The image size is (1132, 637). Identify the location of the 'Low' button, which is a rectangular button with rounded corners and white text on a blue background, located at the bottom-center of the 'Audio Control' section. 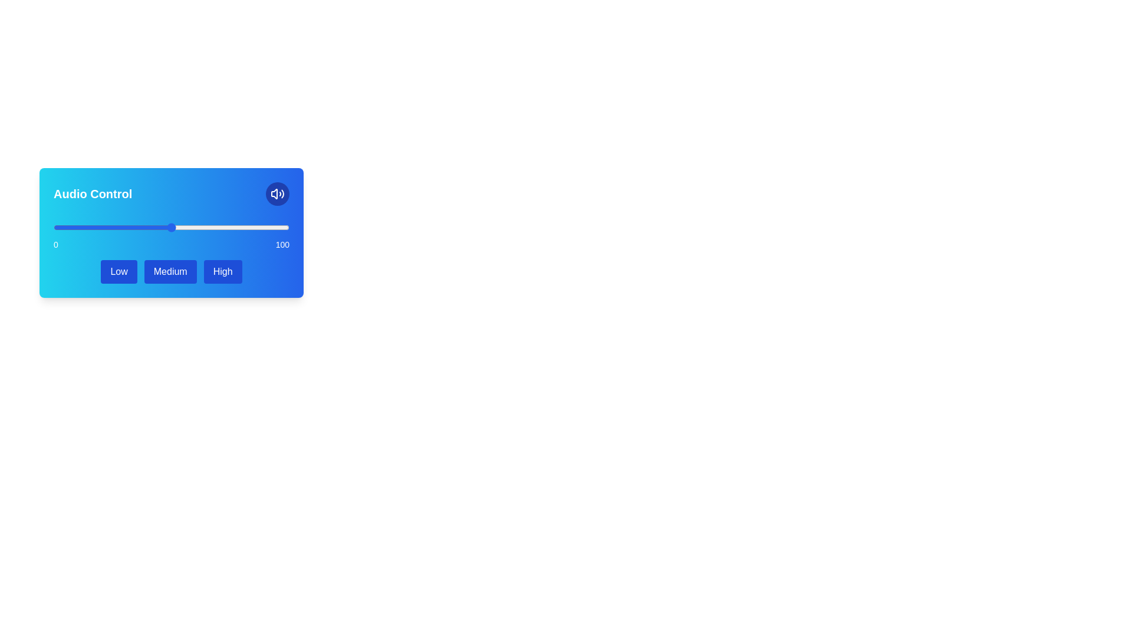
(119, 272).